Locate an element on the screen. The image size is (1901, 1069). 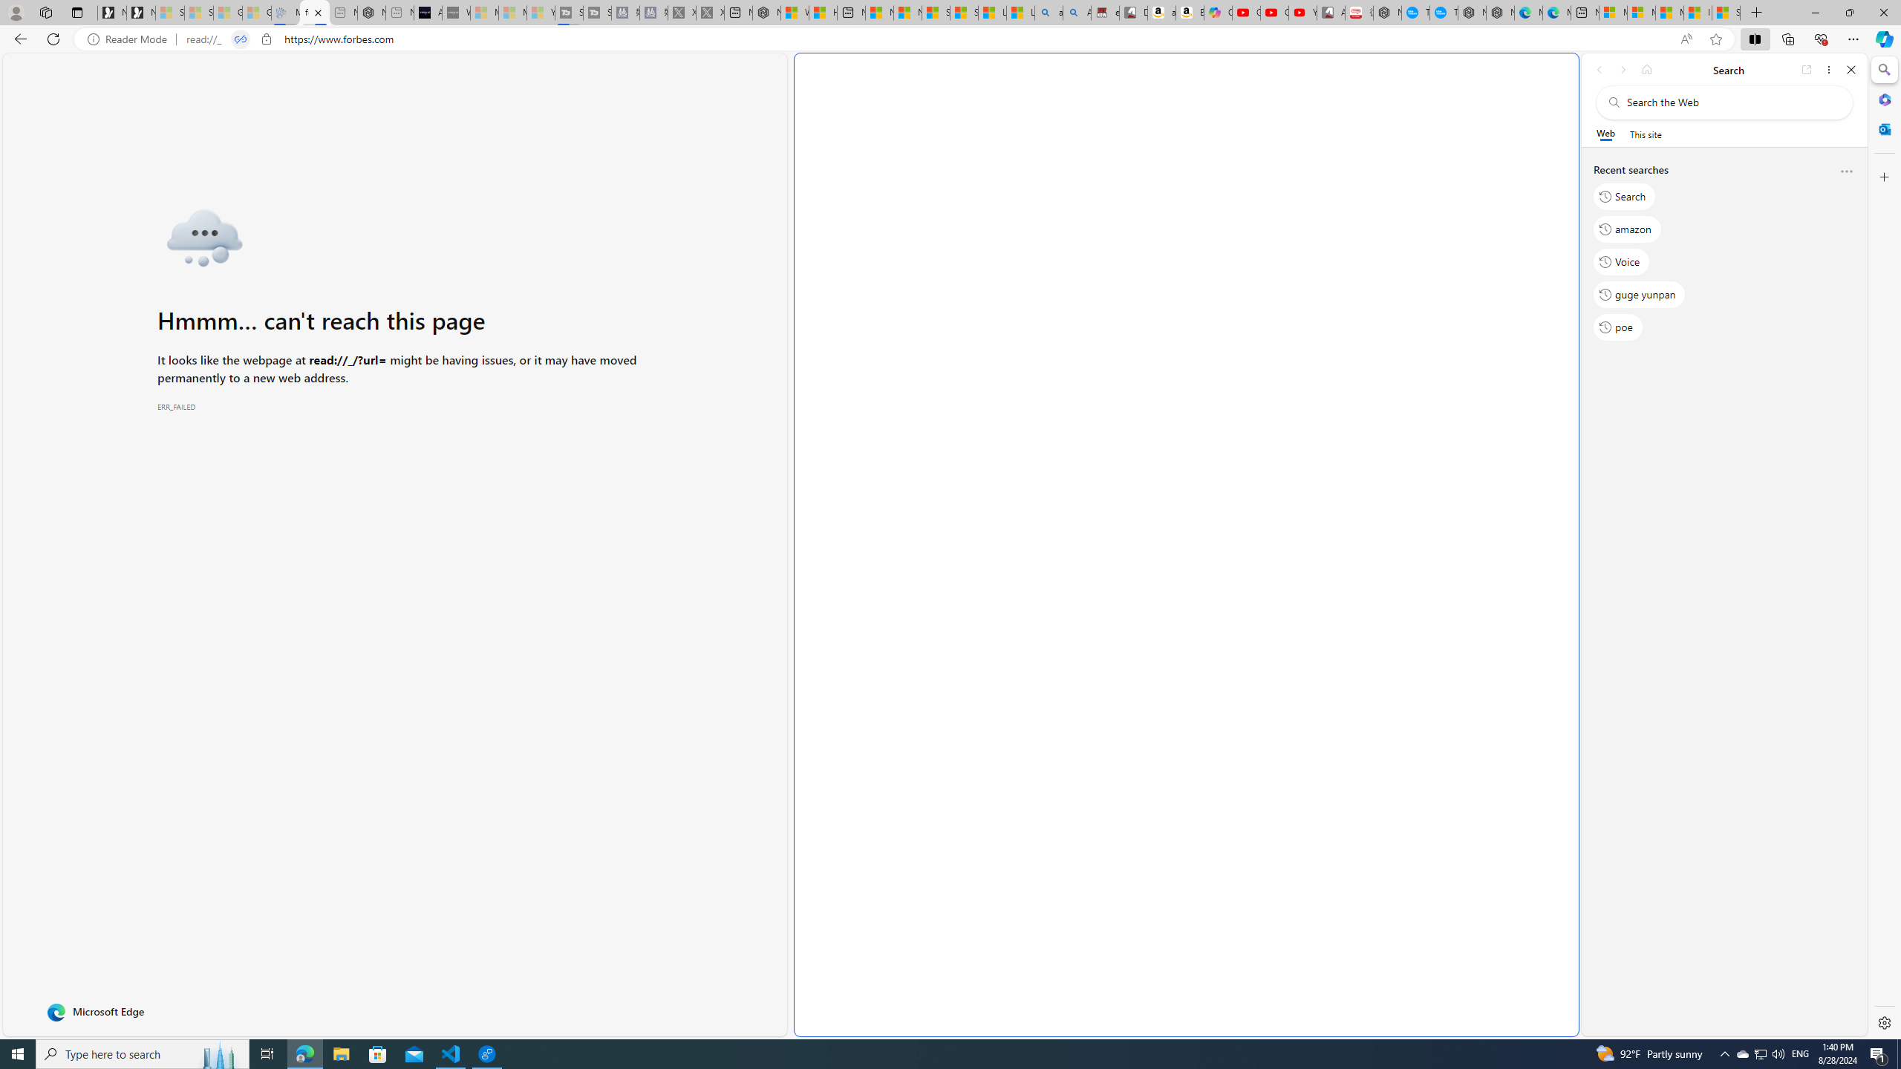
'Tabs in split screen' is located at coordinates (239, 39).